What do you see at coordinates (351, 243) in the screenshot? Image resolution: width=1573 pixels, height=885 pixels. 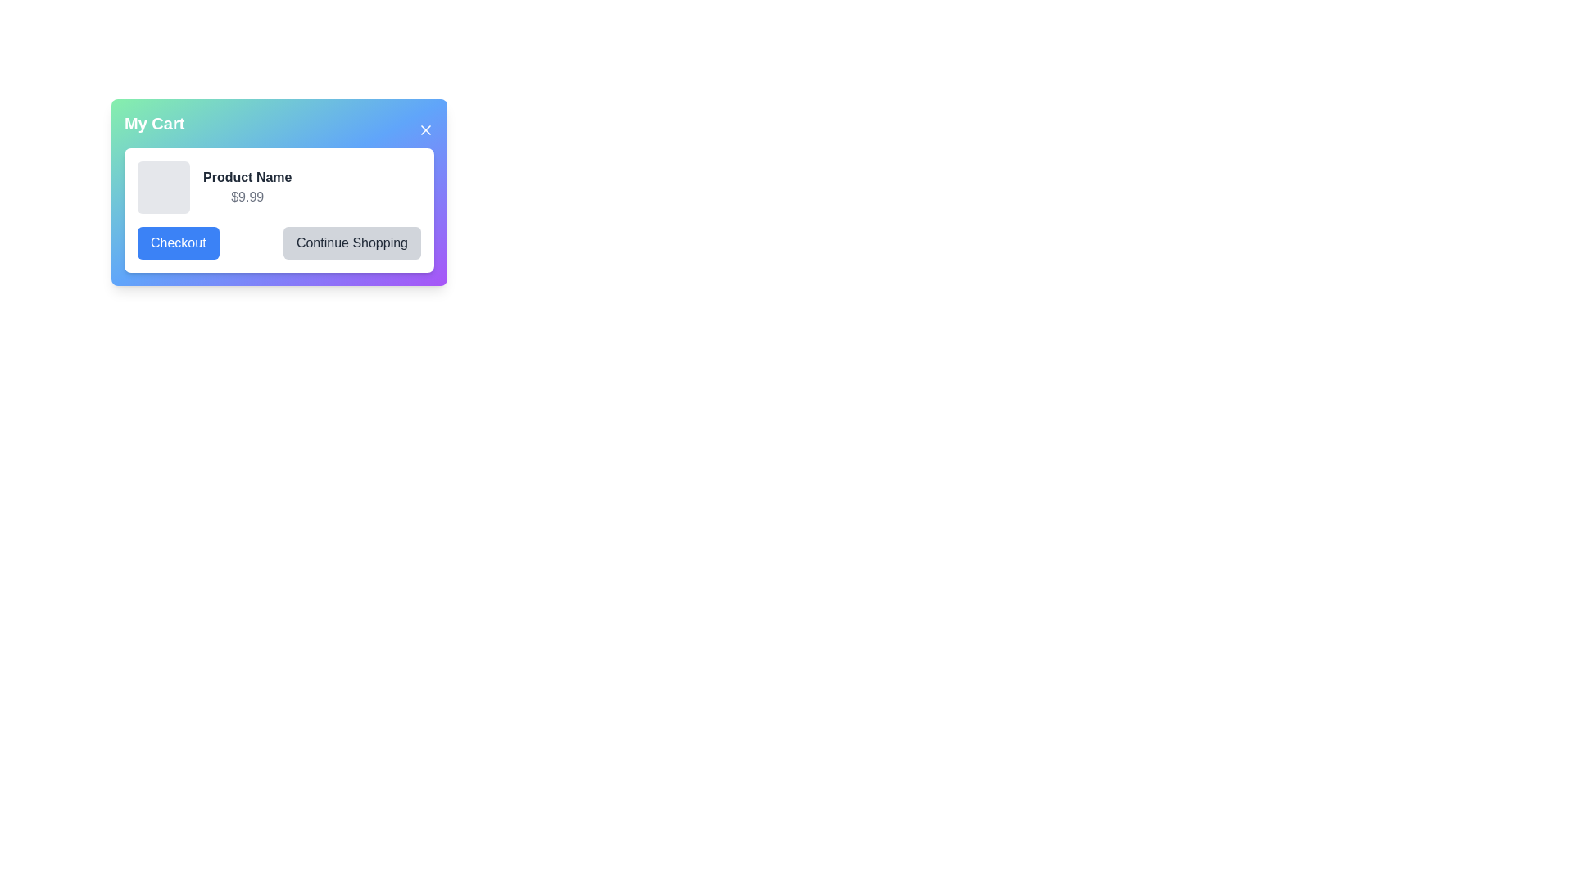 I see `the button located to the right of the 'Checkout' button in the lower section of the cart interface to return to the shopping interface` at bounding box center [351, 243].